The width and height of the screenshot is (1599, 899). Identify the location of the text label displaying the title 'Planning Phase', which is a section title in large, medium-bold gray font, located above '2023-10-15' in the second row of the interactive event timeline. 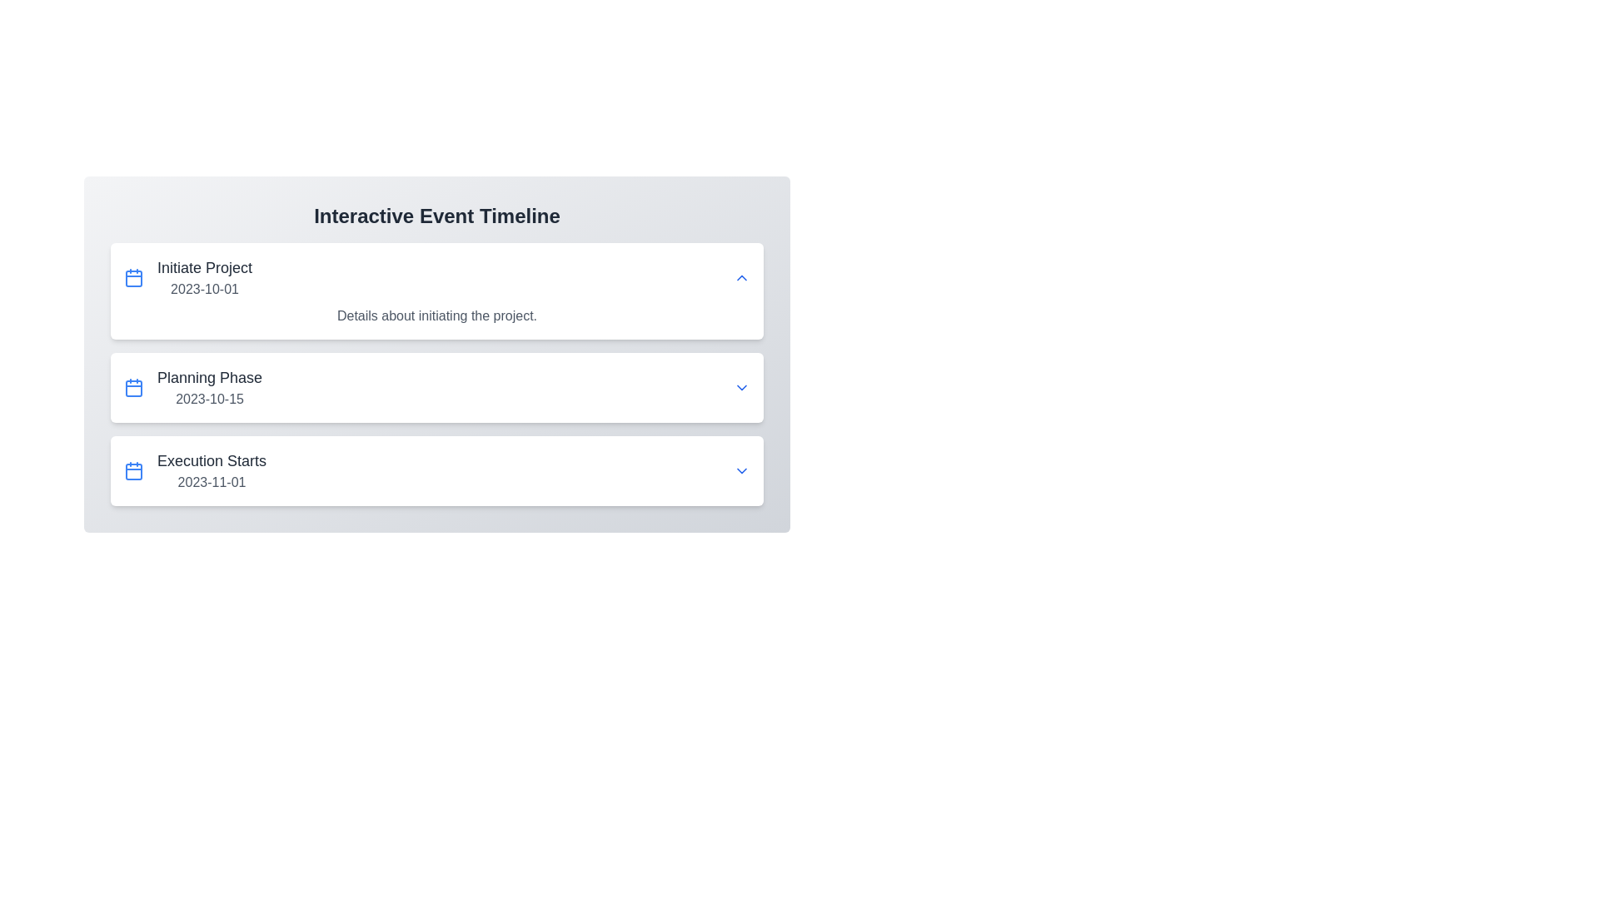
(209, 378).